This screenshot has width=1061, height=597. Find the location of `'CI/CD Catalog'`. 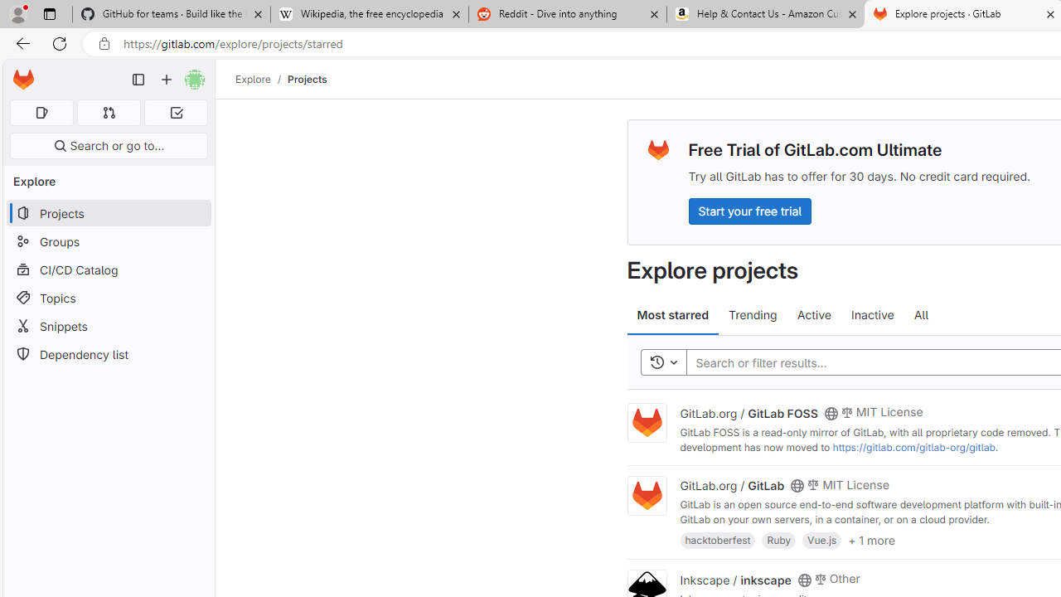

'CI/CD Catalog' is located at coordinates (108, 269).